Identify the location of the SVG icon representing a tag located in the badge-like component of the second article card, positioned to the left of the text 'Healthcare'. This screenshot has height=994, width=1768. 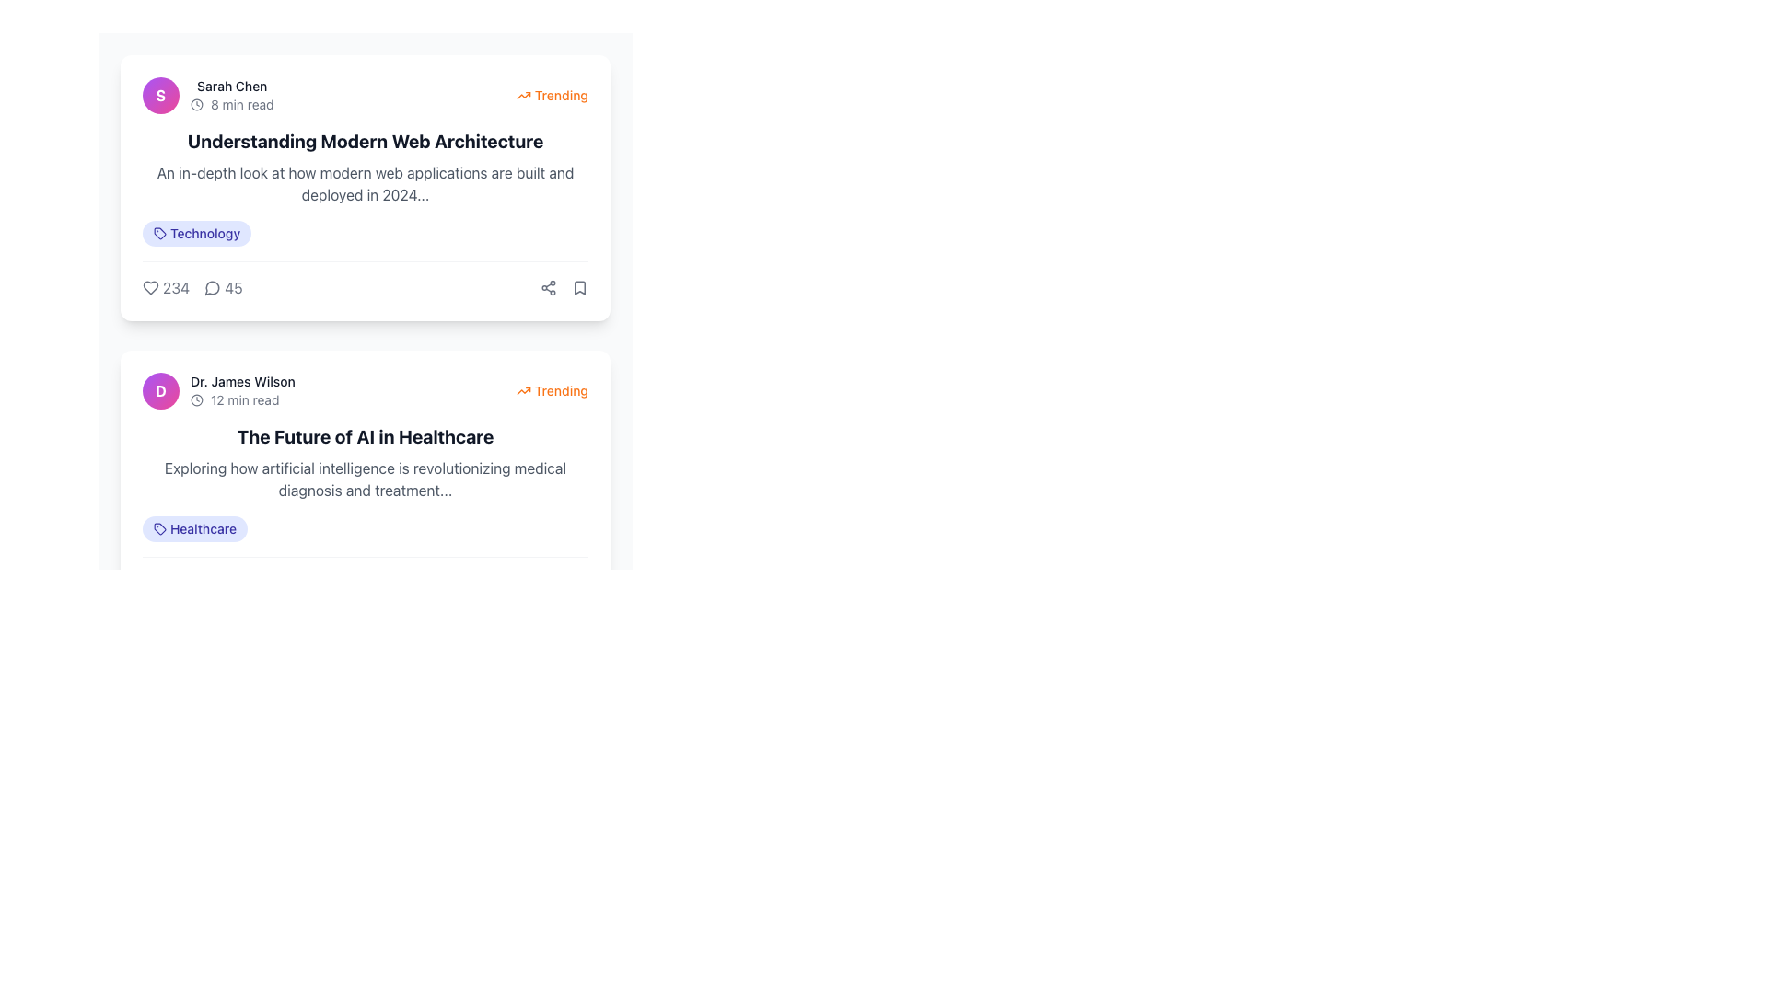
(159, 528).